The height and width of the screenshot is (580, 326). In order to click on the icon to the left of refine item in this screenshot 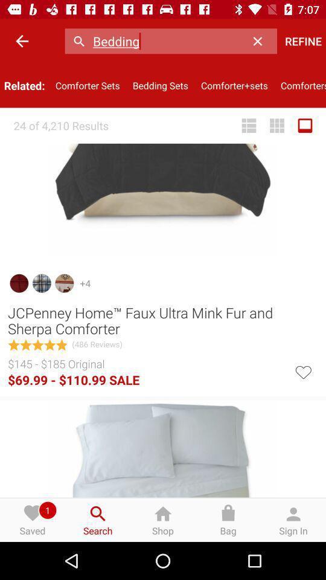, I will do `click(260, 41)`.